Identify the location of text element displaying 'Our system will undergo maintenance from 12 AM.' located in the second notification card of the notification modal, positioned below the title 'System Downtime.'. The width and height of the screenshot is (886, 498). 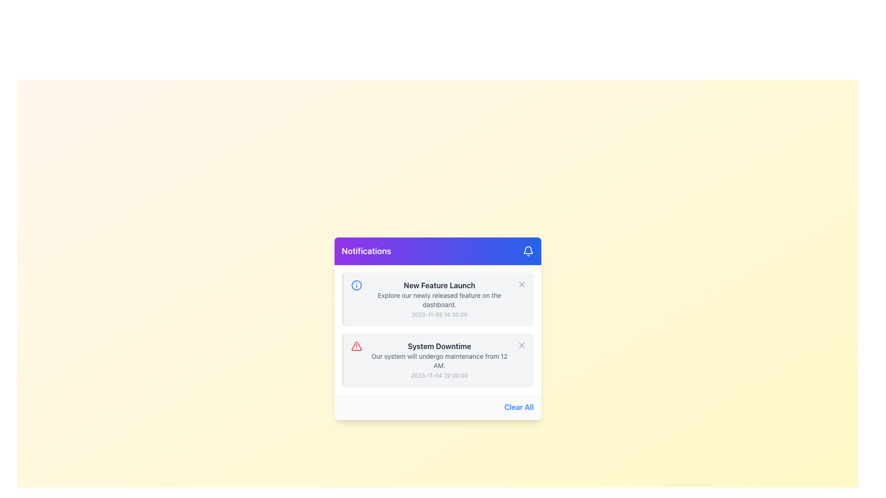
(439, 361).